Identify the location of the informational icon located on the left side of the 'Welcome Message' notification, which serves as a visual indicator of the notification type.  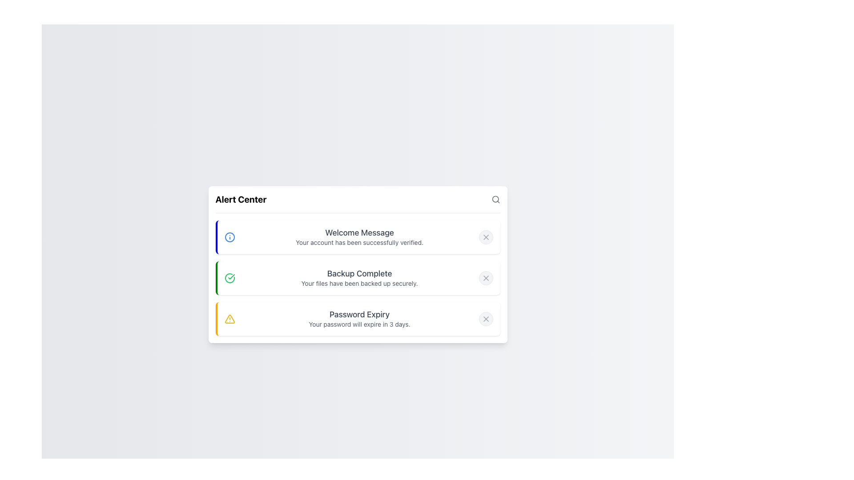
(230, 236).